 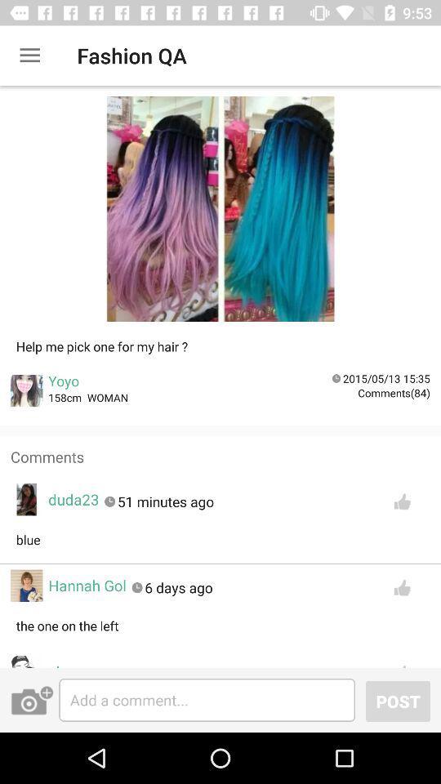 What do you see at coordinates (32, 699) in the screenshot?
I see `open camera` at bounding box center [32, 699].